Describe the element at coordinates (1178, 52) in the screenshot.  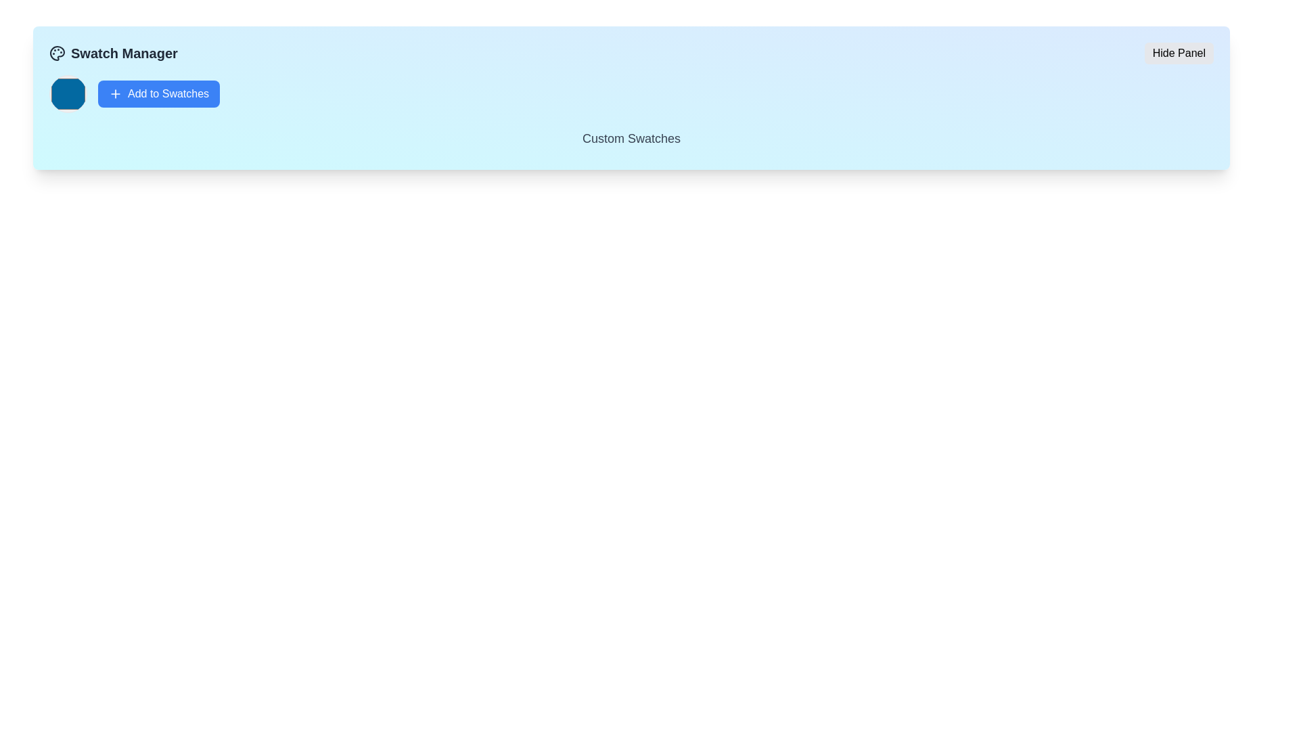
I see `the rectangular 'Hide Panel' button with a light gray background to change its background color` at that location.